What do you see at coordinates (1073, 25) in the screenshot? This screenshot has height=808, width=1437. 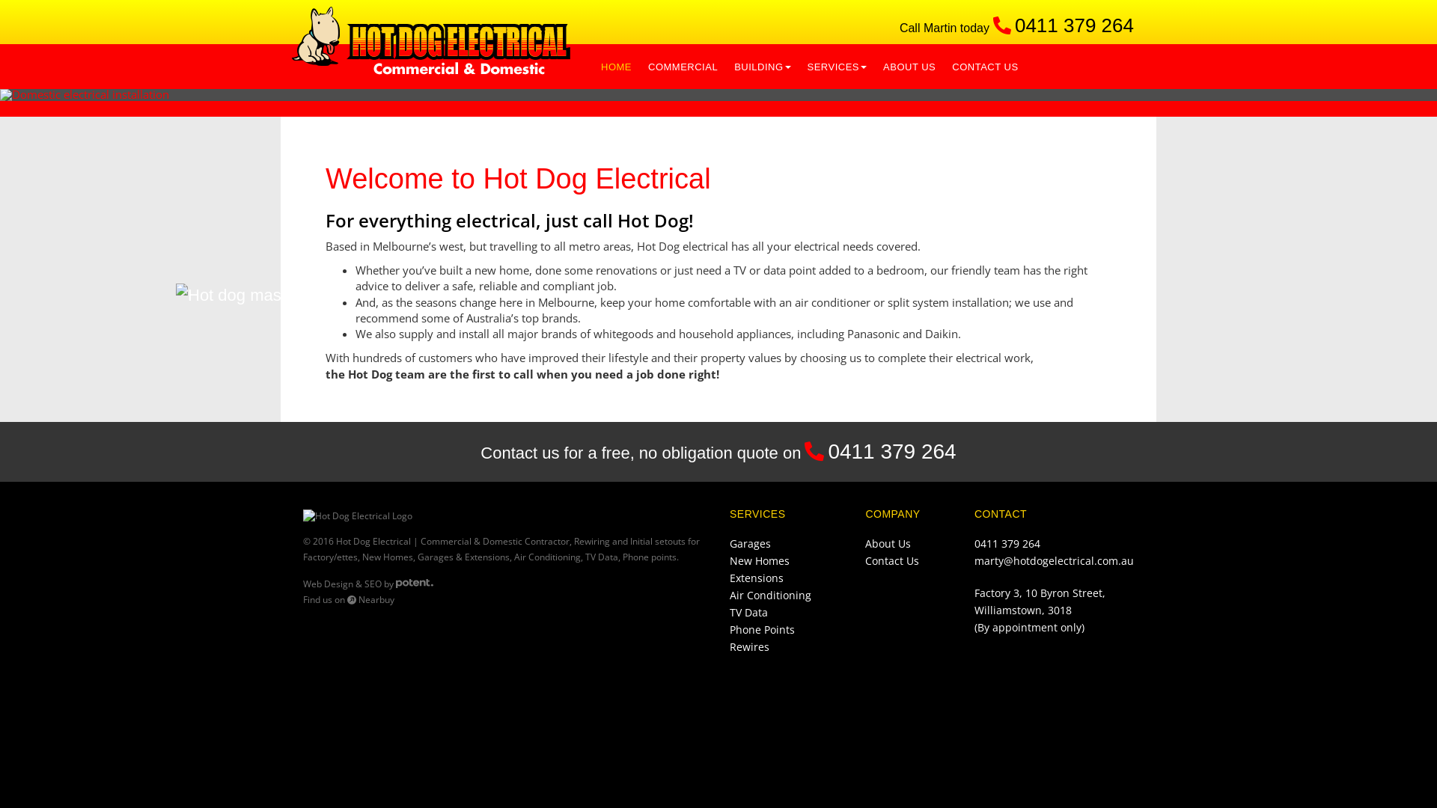 I see `'0411 379 264'` at bounding box center [1073, 25].